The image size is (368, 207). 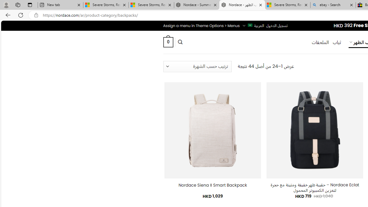 I want to click on 'ebay - Search', so click(x=333, y=5).